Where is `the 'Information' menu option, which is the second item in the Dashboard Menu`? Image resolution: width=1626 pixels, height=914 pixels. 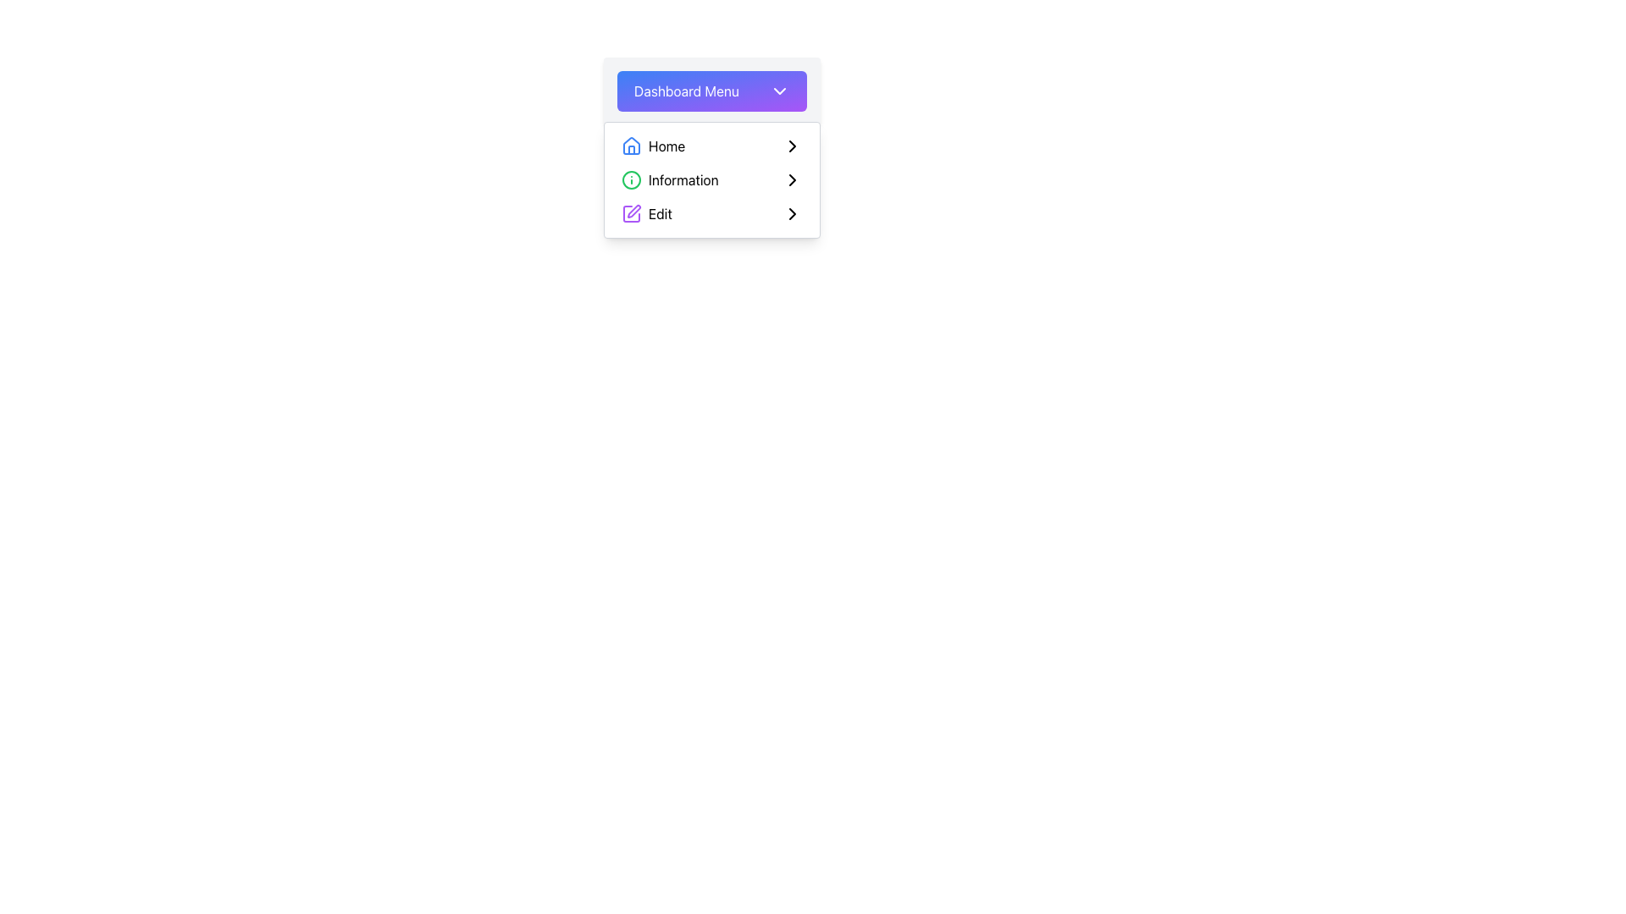
the 'Information' menu option, which is the second item in the Dashboard Menu is located at coordinates (711, 179).